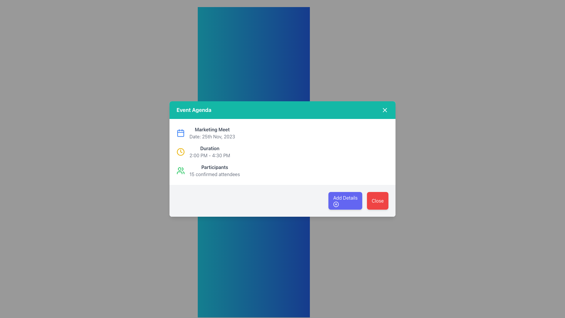 Image resolution: width=565 pixels, height=318 pixels. I want to click on the circular icon with a '+' symbol centered inside it, which is part of the 'Add Details' button located at the bottom right of the content card, so click(336, 204).